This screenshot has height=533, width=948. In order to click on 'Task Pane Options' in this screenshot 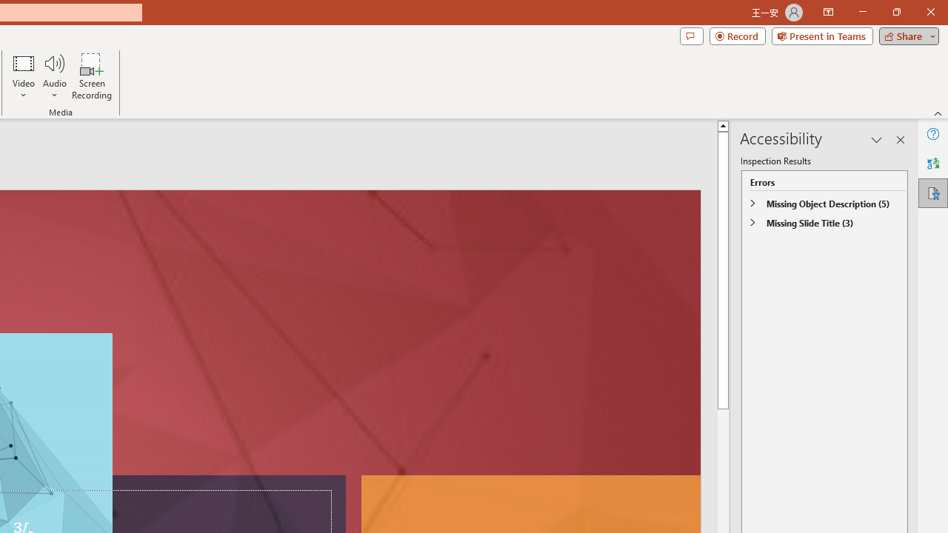, I will do `click(877, 140)`.